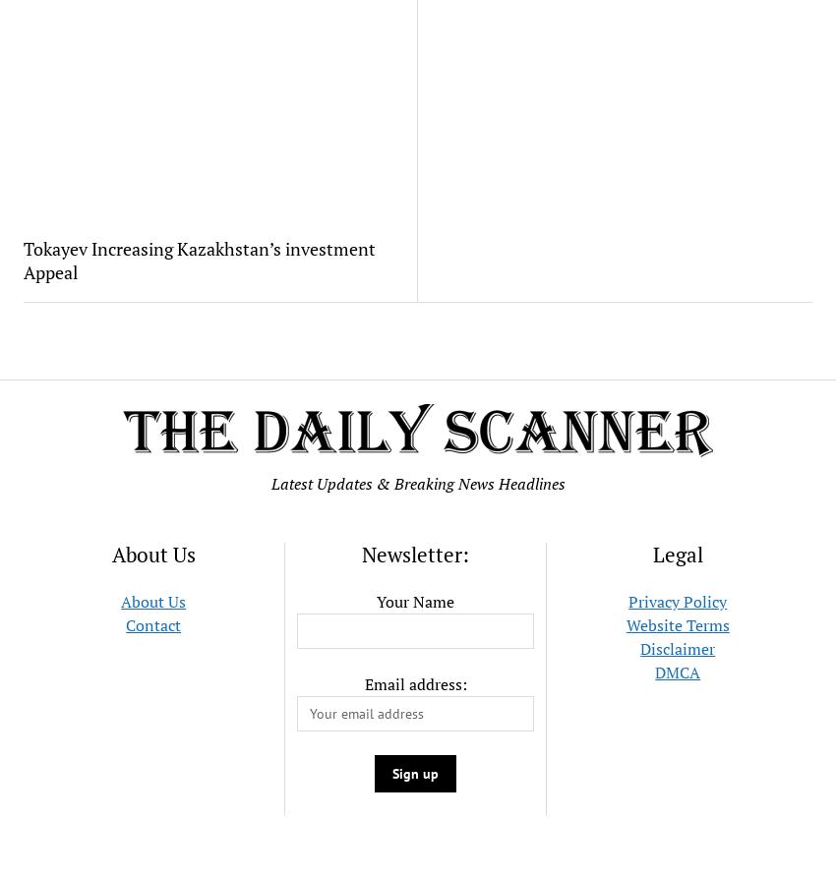 The height and width of the screenshot is (878, 836). What do you see at coordinates (152, 624) in the screenshot?
I see `'Contact'` at bounding box center [152, 624].